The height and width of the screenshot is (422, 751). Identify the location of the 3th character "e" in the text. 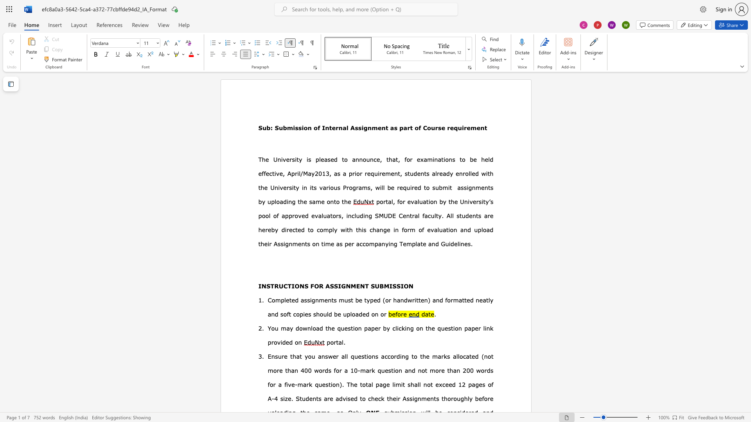
(443, 127).